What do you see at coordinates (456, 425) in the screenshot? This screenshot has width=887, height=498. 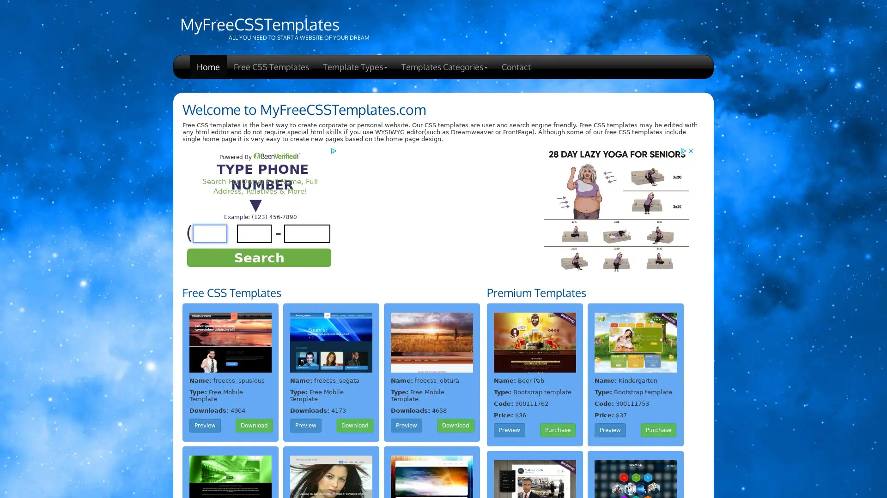 I see `Download` at bounding box center [456, 425].